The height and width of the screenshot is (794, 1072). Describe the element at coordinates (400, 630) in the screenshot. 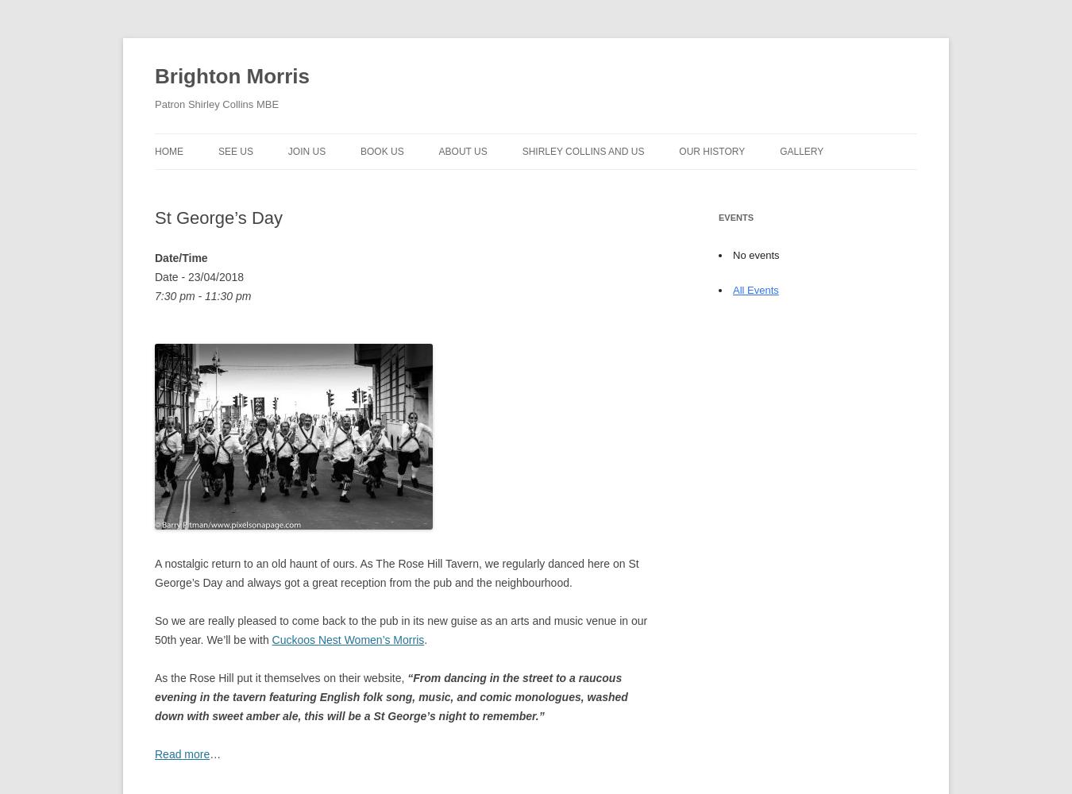

I see `'So we are really pleased to come back to the pub in its new guise as an arts and music venue in our 50th year. We’ll be with'` at that location.